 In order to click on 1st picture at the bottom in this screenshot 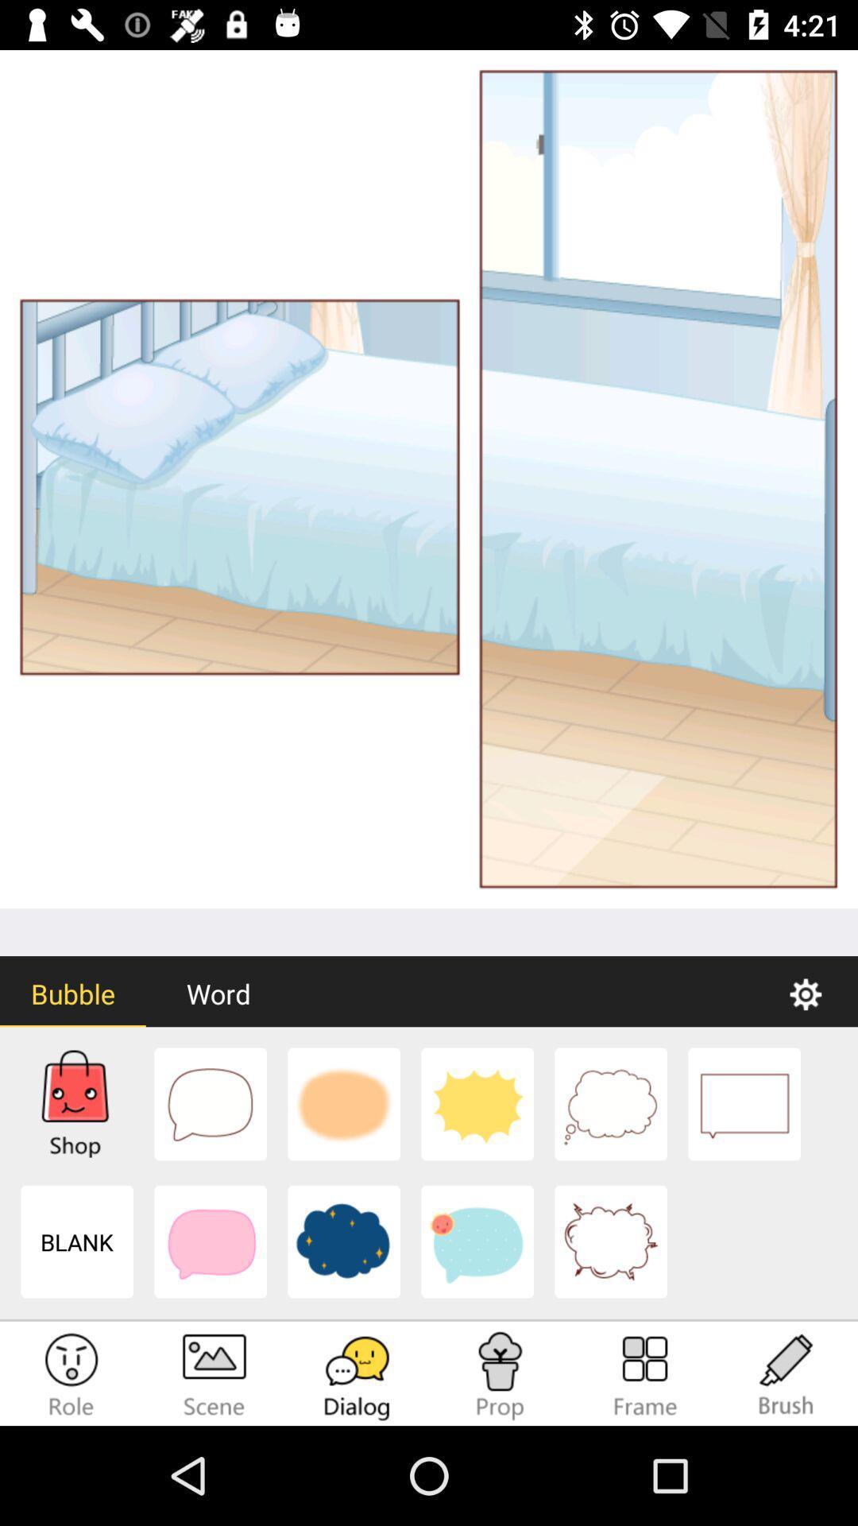, I will do `click(76, 1103)`.